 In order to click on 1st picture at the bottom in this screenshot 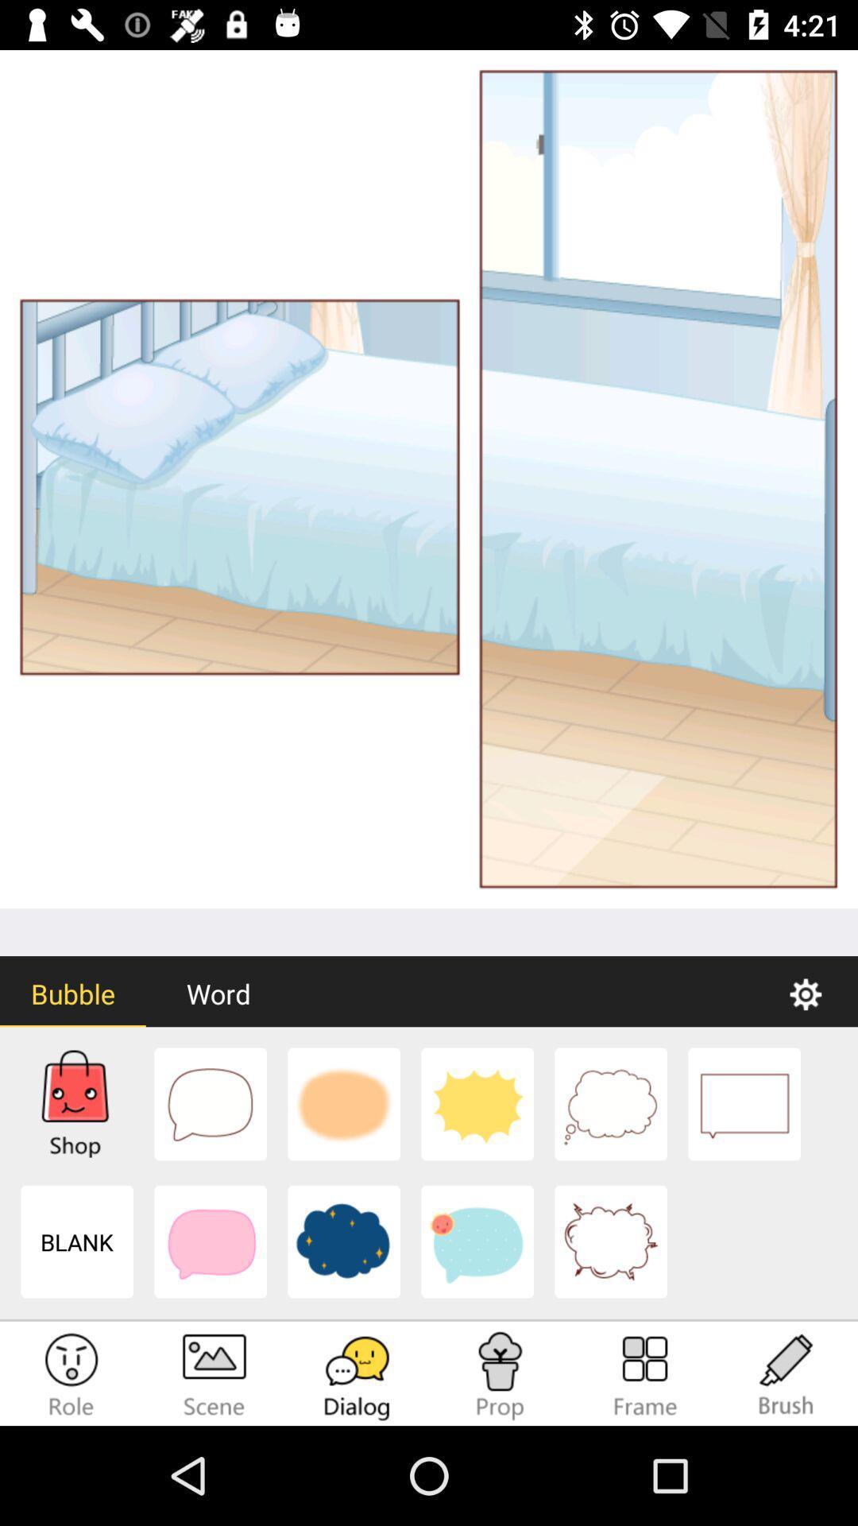, I will do `click(76, 1103)`.